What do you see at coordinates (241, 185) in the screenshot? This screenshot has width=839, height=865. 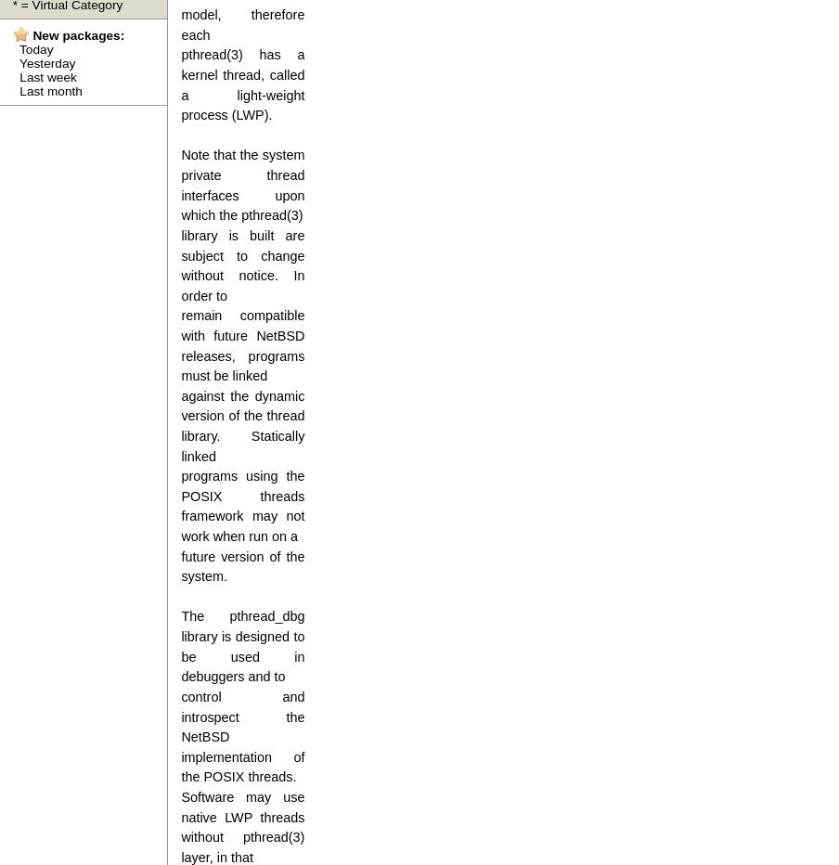 I see `'Note that the system private thread interfaces upon which the pthread(3)'` at bounding box center [241, 185].